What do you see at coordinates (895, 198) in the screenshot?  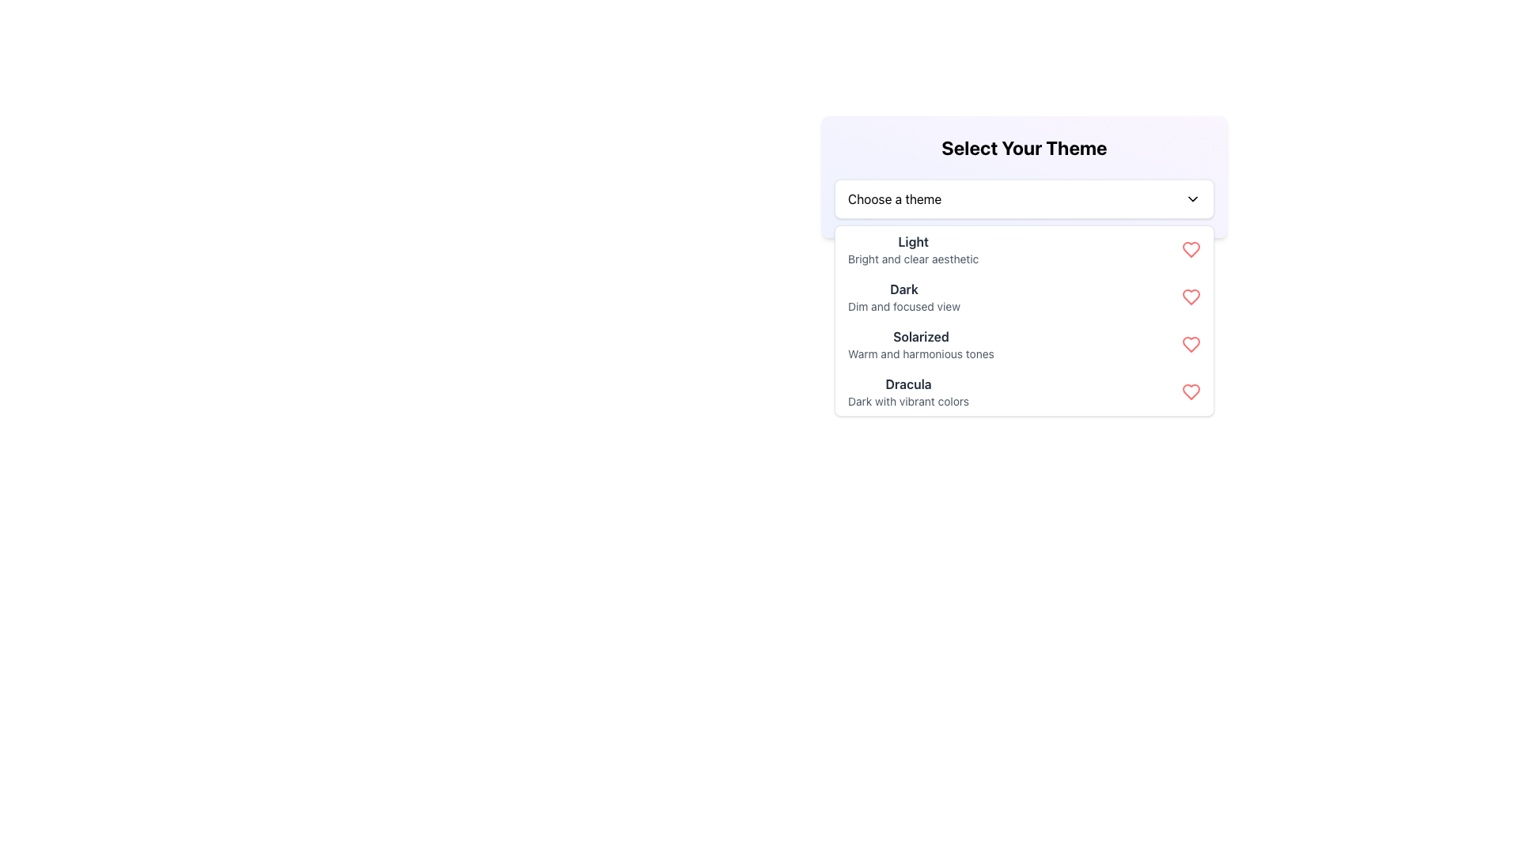 I see `the 'Choose a theme' text label to highlight it, which is positioned inside a white box with rounded corners on the left side of the dropdown section` at bounding box center [895, 198].